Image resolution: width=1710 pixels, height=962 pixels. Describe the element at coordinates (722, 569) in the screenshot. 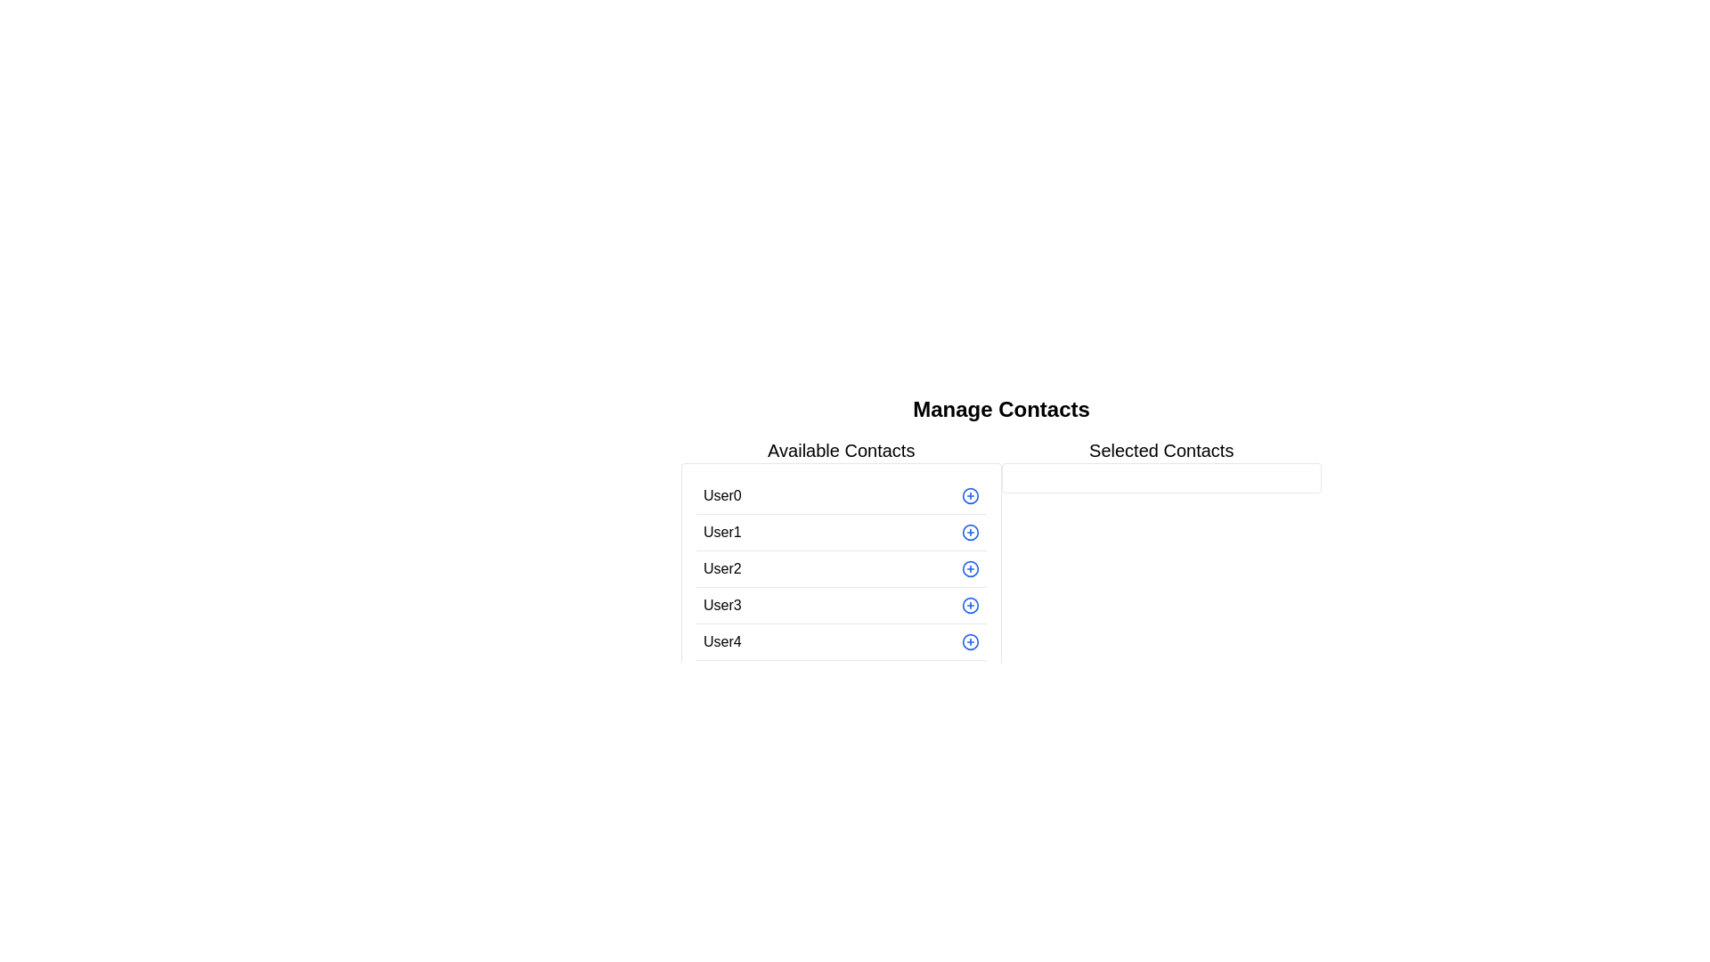

I see `the text label displaying 'User2', which is the third item in the vertical list of user names under the 'Available Contacts' heading` at that location.